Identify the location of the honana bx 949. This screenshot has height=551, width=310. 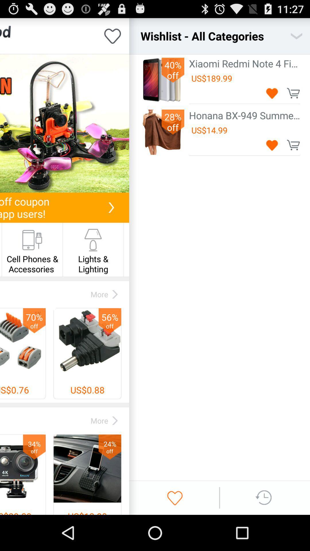
(245, 115).